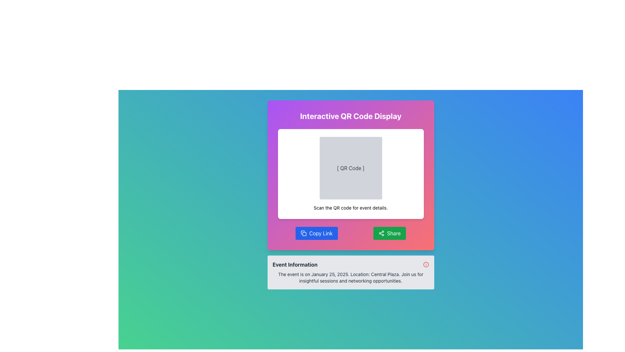 This screenshot has height=352, width=625. What do you see at coordinates (389, 233) in the screenshot?
I see `the share button located in the bottom-right corner of the button group, adjacent to the 'Copy Link' button` at bounding box center [389, 233].